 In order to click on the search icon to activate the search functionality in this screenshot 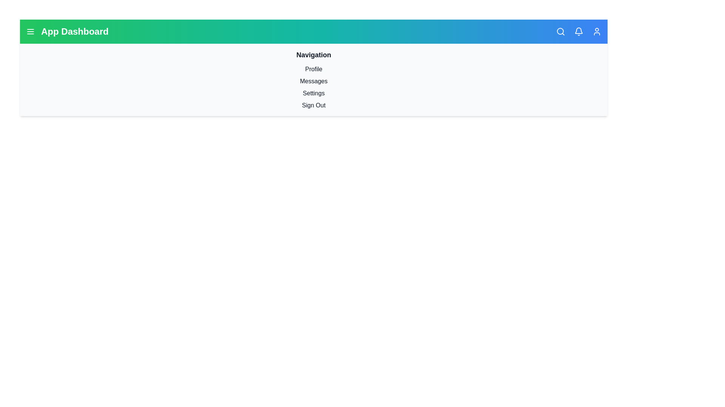, I will do `click(560, 31)`.